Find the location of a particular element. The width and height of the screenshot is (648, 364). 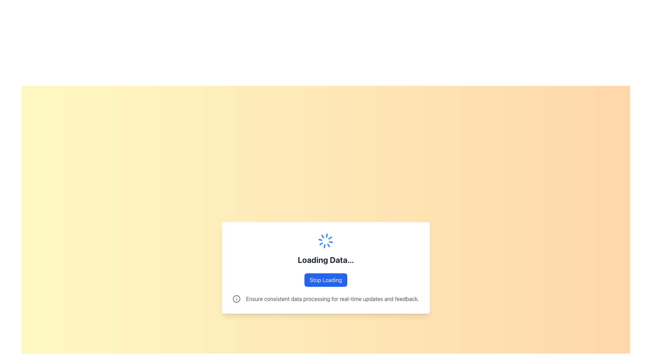

information displayed in the Informational modal which shows 'Loading Data...' and additional details below it is located at coordinates (326, 267).